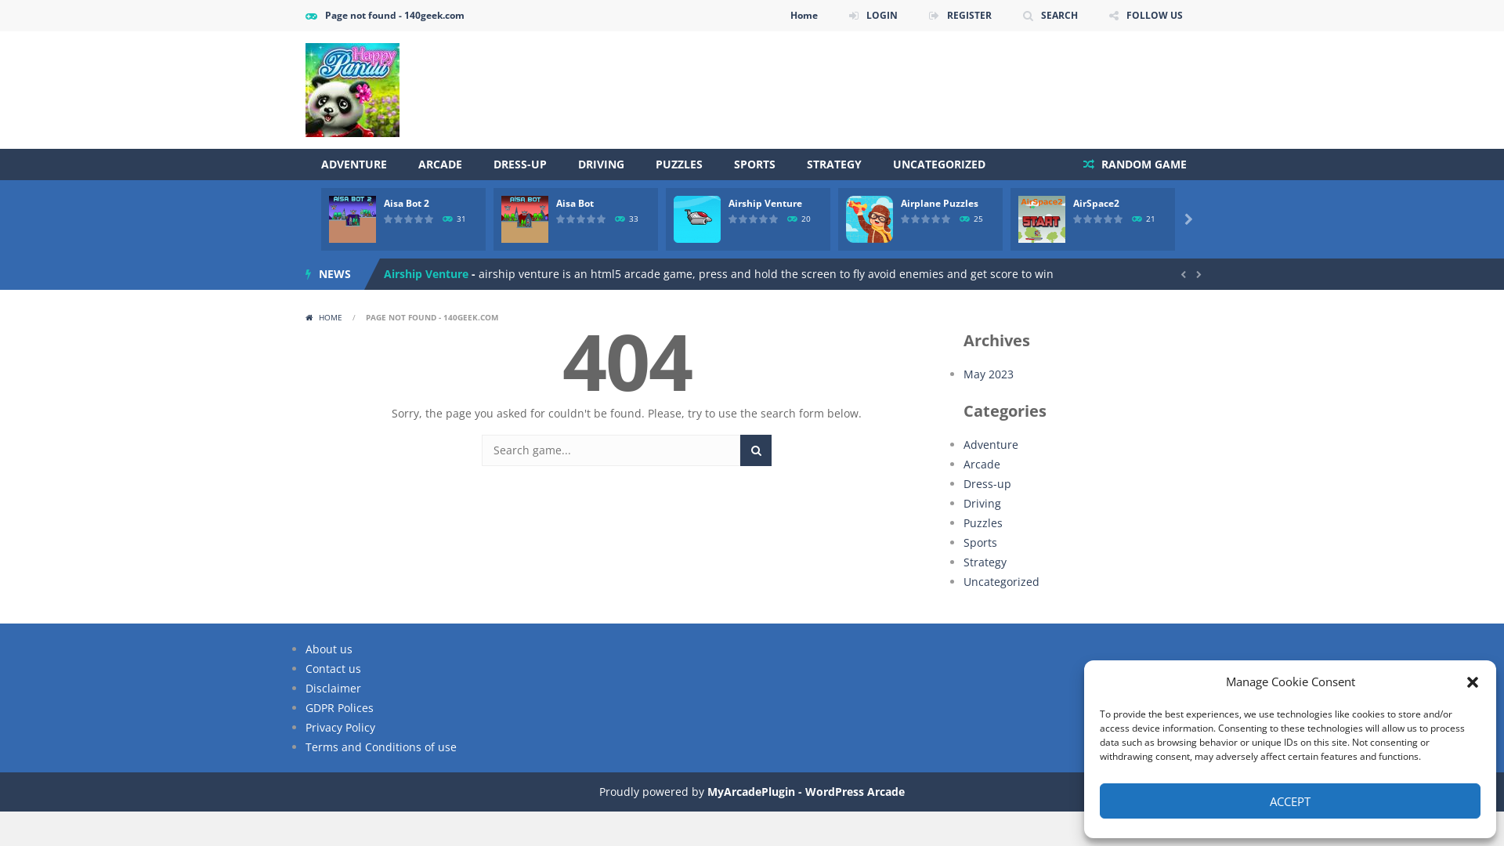 The height and width of the screenshot is (846, 1504). Describe the element at coordinates (1103, 219) in the screenshot. I see `'0 votes, average: 0.00 out of 5'` at that location.